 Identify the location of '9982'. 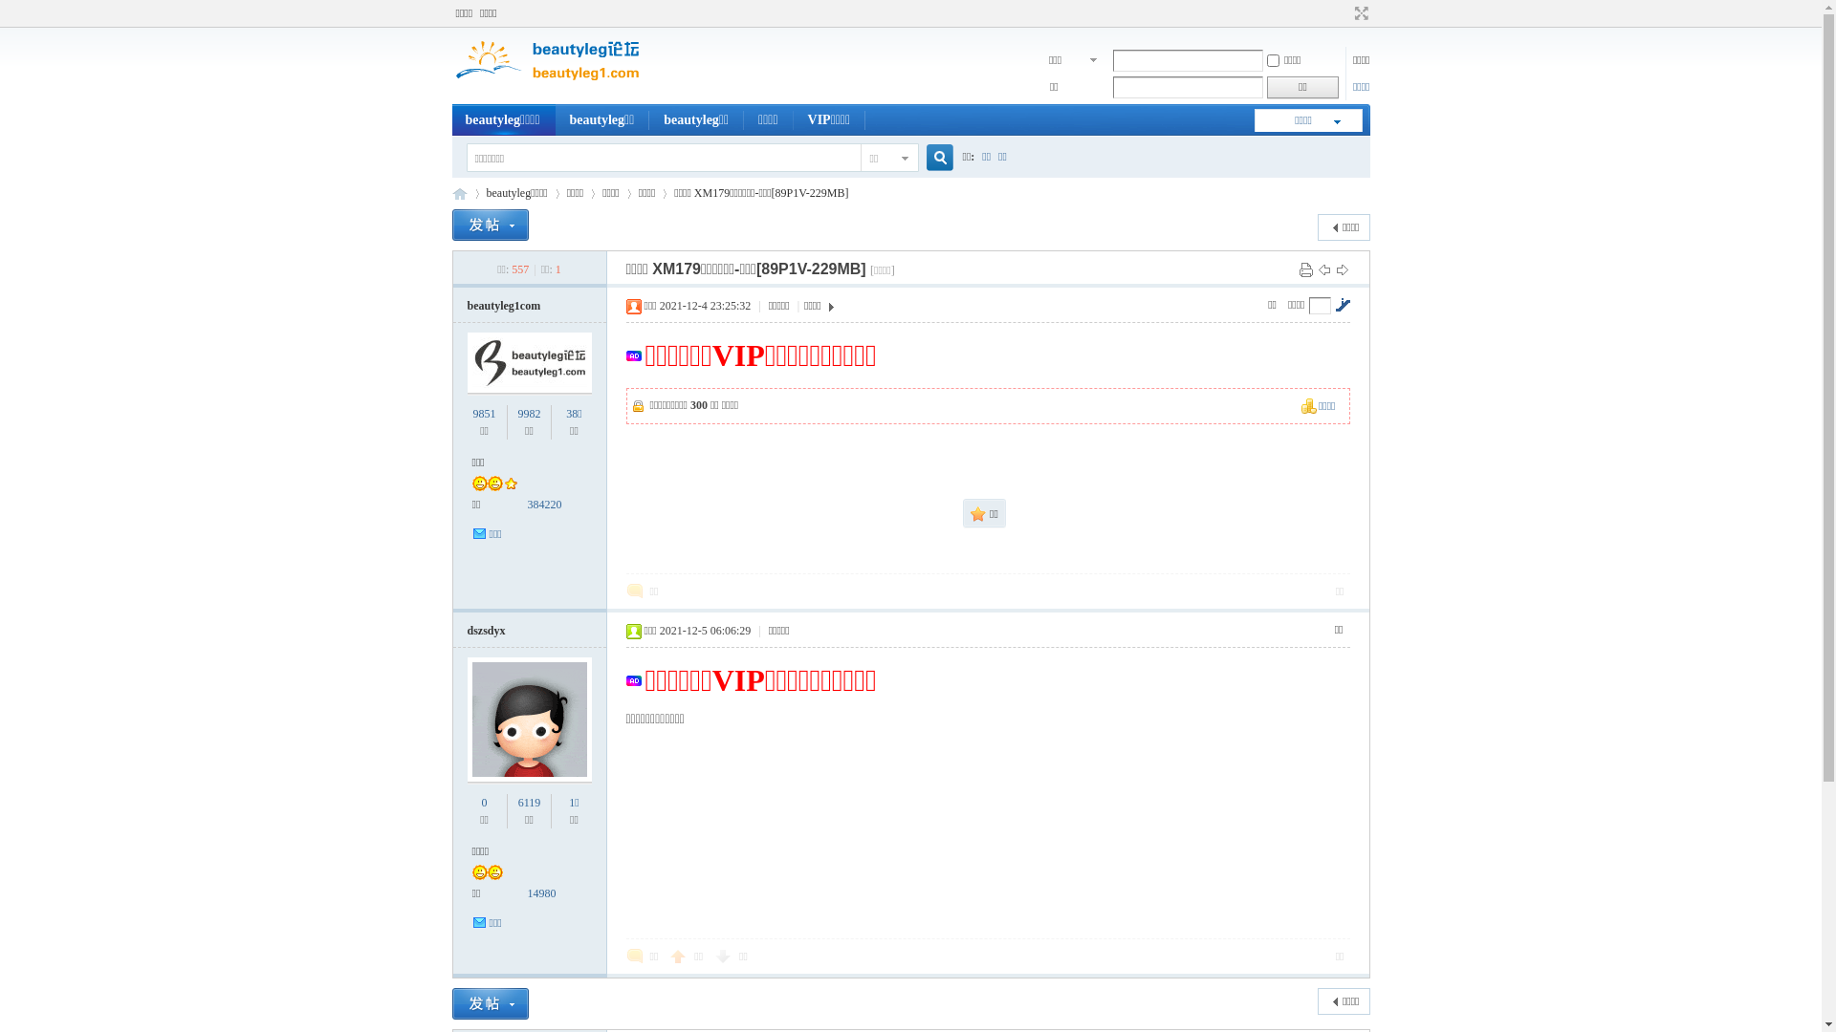
(528, 412).